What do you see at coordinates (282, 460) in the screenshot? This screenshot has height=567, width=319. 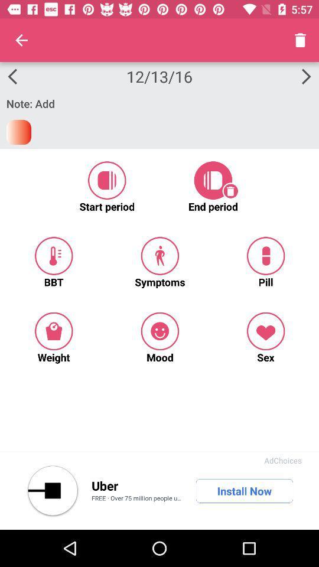 I see `the adchoices app` at bounding box center [282, 460].